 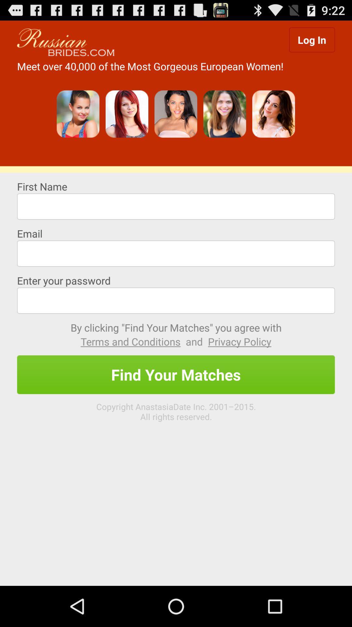 I want to click on name, so click(x=176, y=206).